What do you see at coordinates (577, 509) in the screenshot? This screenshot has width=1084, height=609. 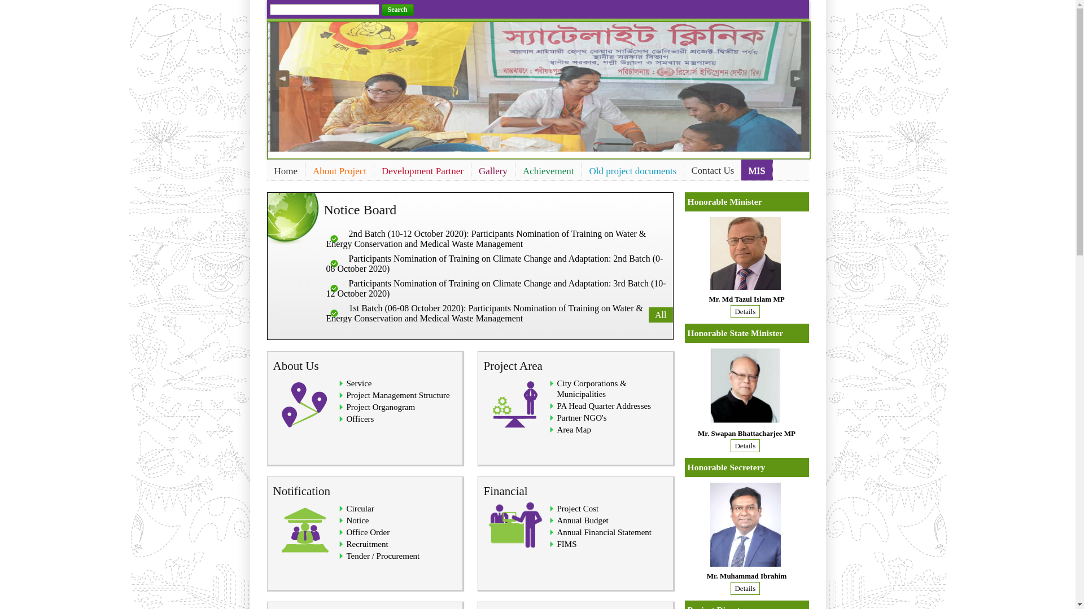 I see `'Project Cost'` at bounding box center [577, 509].